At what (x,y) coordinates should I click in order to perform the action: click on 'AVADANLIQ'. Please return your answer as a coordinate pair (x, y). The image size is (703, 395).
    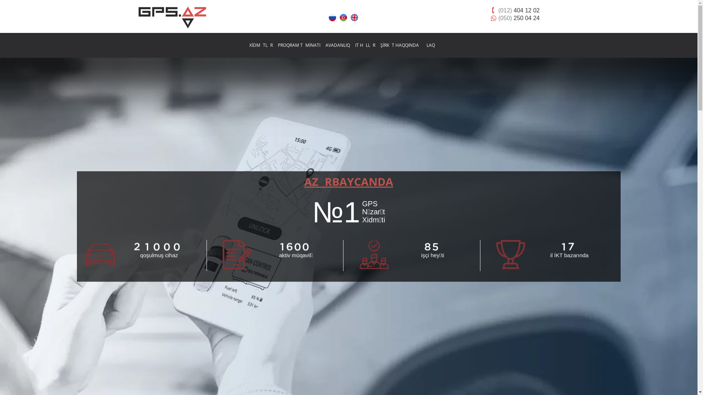
    Looking at the image, I should click on (325, 45).